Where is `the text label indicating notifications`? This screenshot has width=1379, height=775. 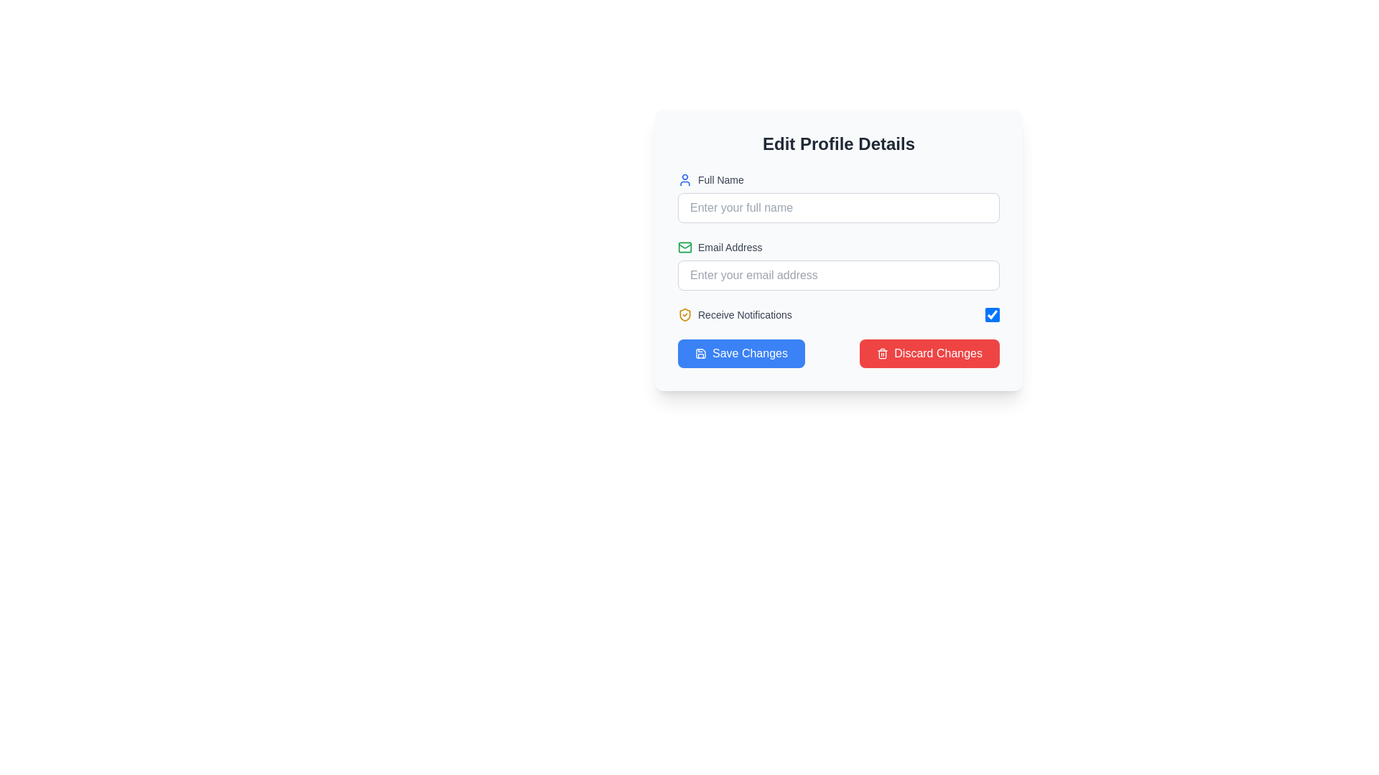 the text label indicating notifications is located at coordinates (745, 314).